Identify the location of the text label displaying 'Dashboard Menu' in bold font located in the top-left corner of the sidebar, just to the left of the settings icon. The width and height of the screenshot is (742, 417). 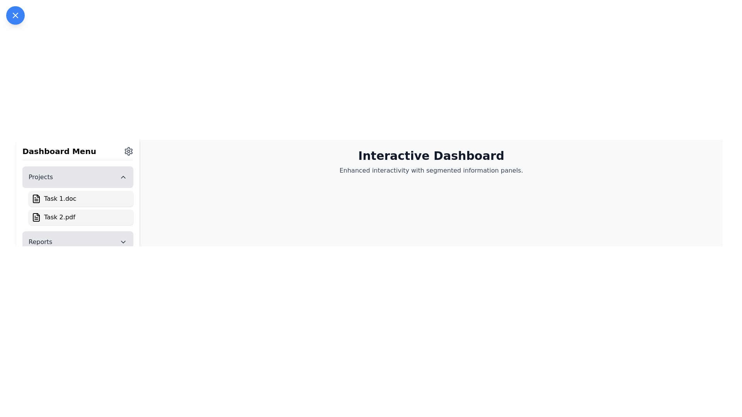
(59, 151).